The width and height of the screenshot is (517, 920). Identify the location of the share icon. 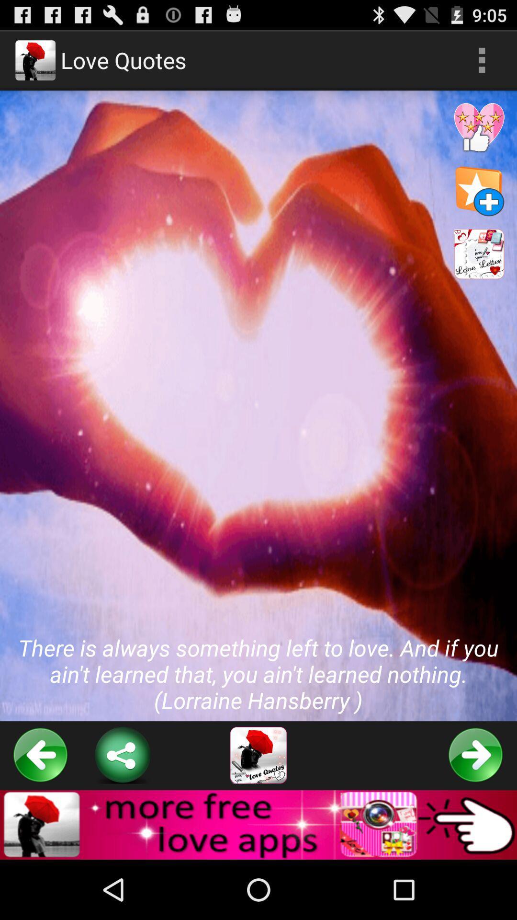
(122, 808).